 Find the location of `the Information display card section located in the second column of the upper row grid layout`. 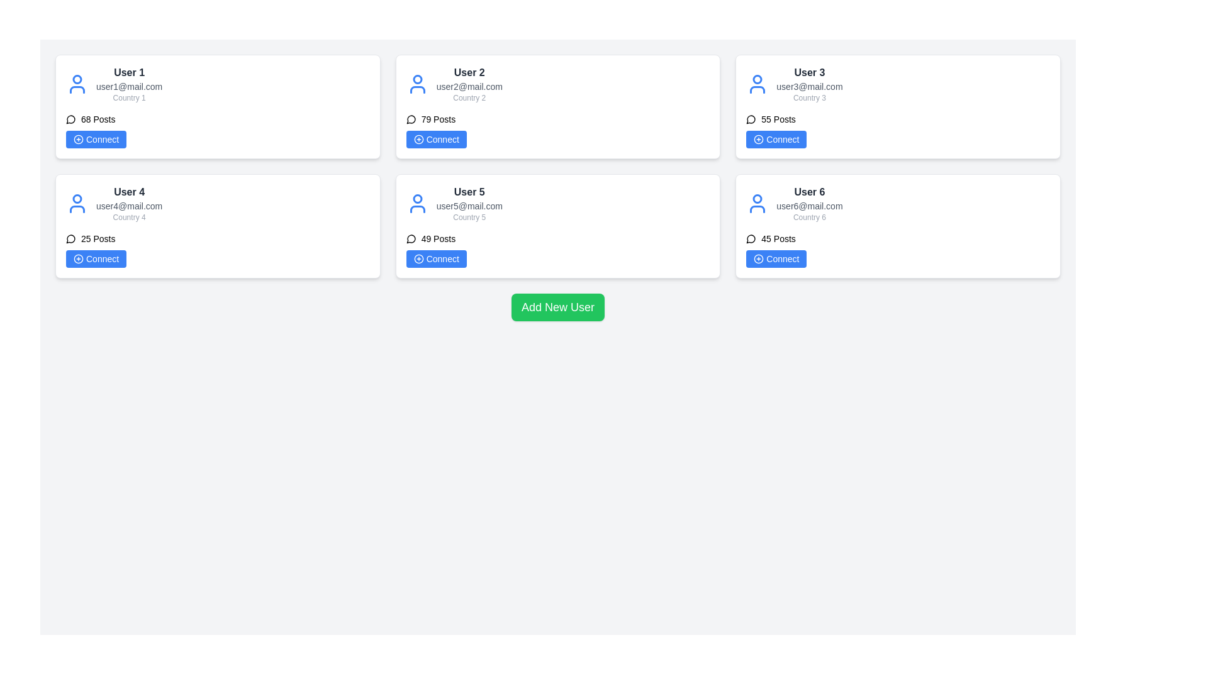

the Information display card section located in the second column of the upper row grid layout is located at coordinates (557, 84).